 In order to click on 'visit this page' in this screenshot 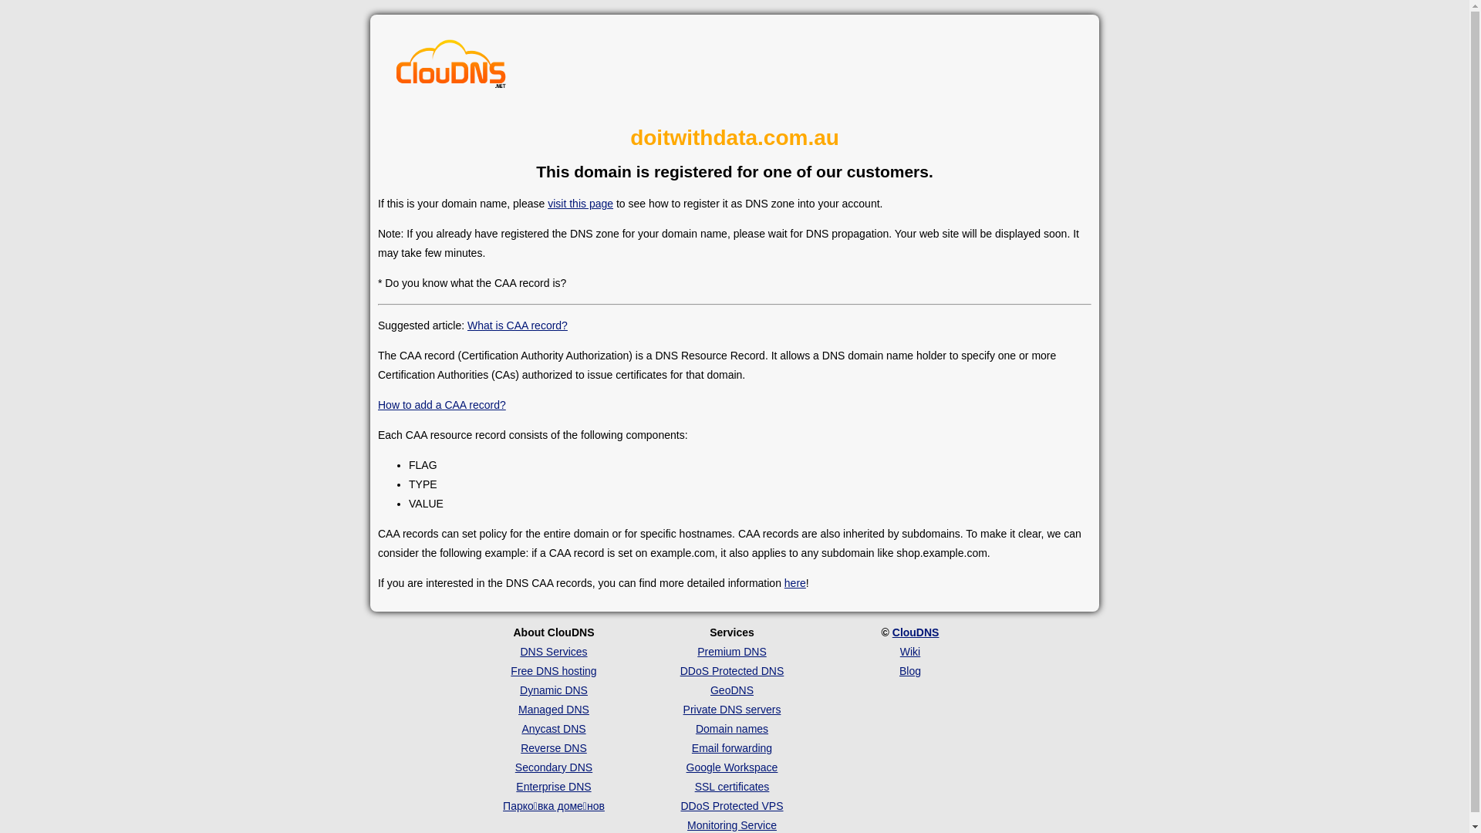, I will do `click(579, 202)`.